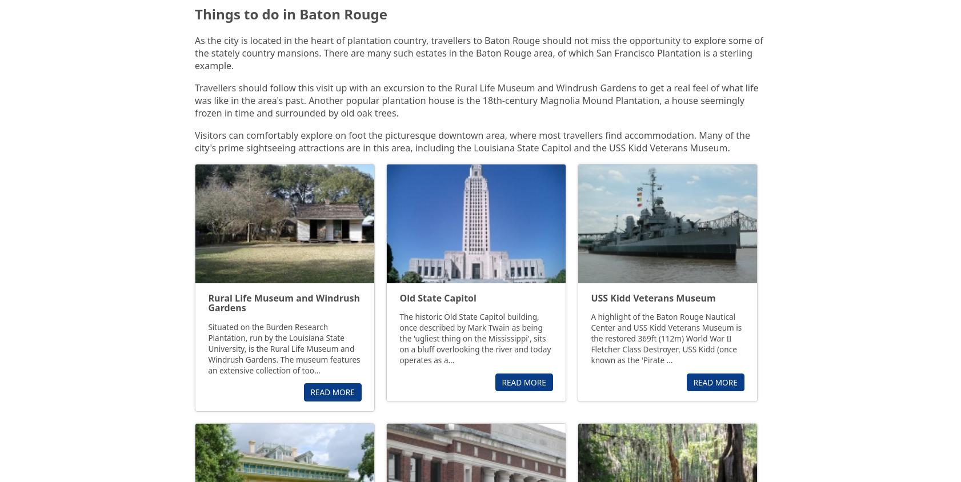  Describe the element at coordinates (478, 52) in the screenshot. I see `'As the city is located in the heart of plantation
country, travellers to Baton Rouge should not miss the opportunity
to explore some of the stately country mansions. There are many
such estates in the Baton Rouge area, of which San Francisco
Plantation is a sterling example.'` at that location.